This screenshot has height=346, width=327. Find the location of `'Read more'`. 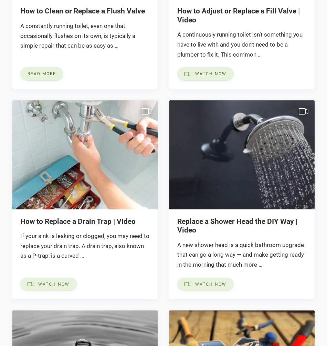

'Read more' is located at coordinates (41, 74).